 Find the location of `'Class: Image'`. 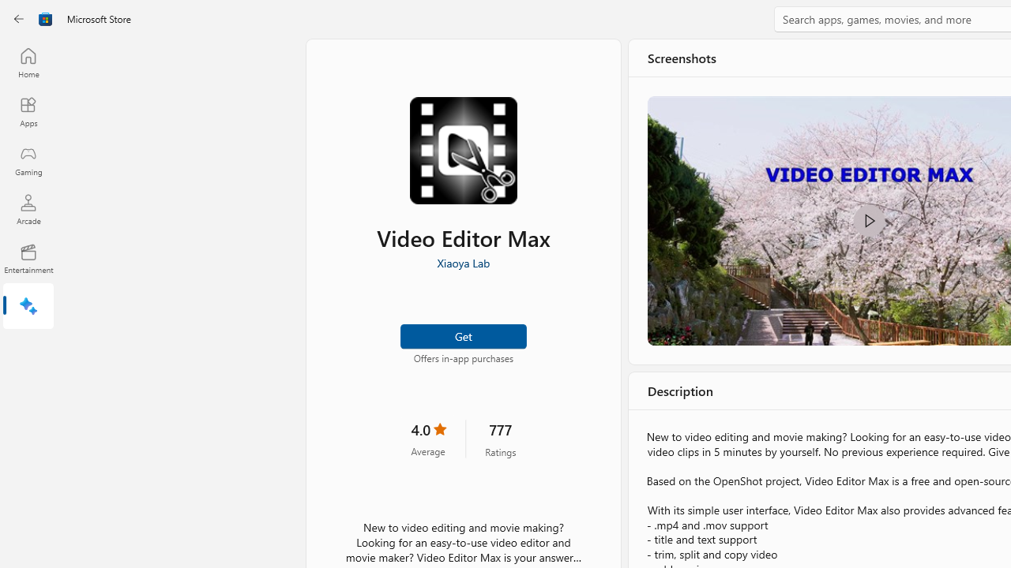

'Class: Image' is located at coordinates (46, 19).